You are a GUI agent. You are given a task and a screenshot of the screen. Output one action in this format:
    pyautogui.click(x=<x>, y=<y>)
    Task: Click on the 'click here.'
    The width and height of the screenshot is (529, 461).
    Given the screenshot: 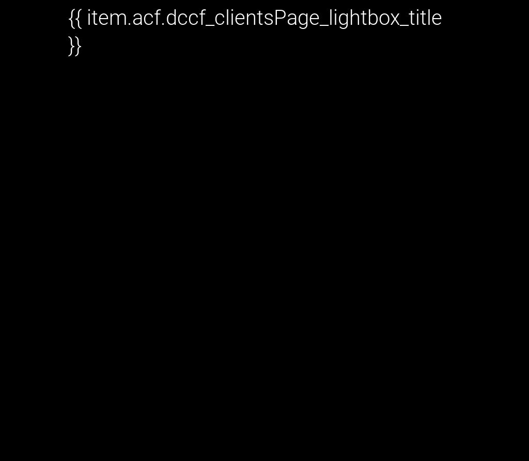 What is the action you would take?
    pyautogui.click(x=180, y=228)
    